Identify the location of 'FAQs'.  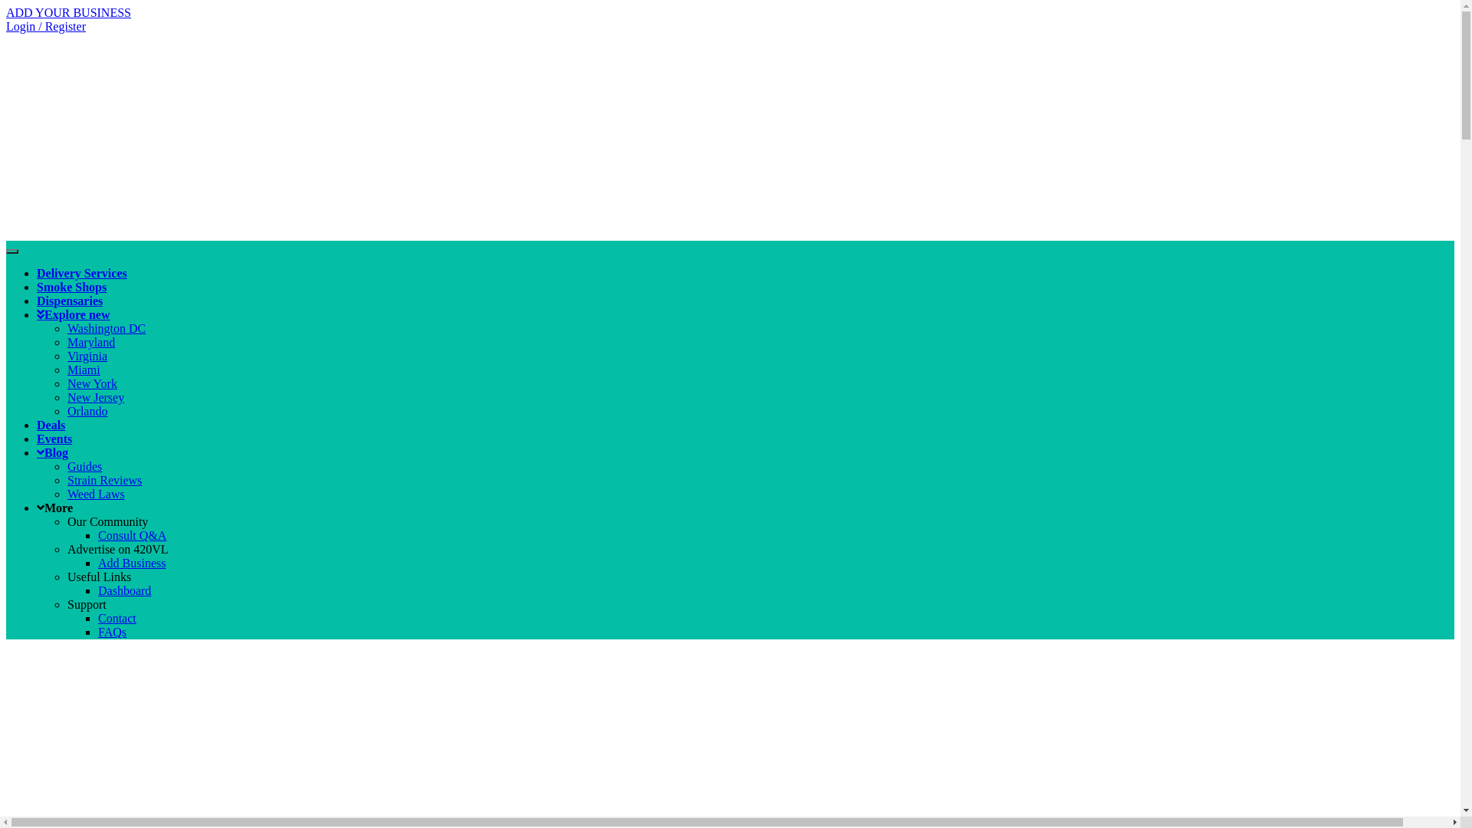
(111, 632).